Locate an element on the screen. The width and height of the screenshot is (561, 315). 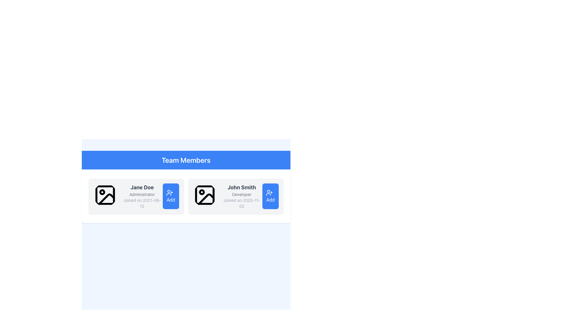
the decorative SVG rectangle with rounded corners located in the upper-left region of the image icon representing 'John Smith' in the 'Team Members' section is located at coordinates (205, 195).